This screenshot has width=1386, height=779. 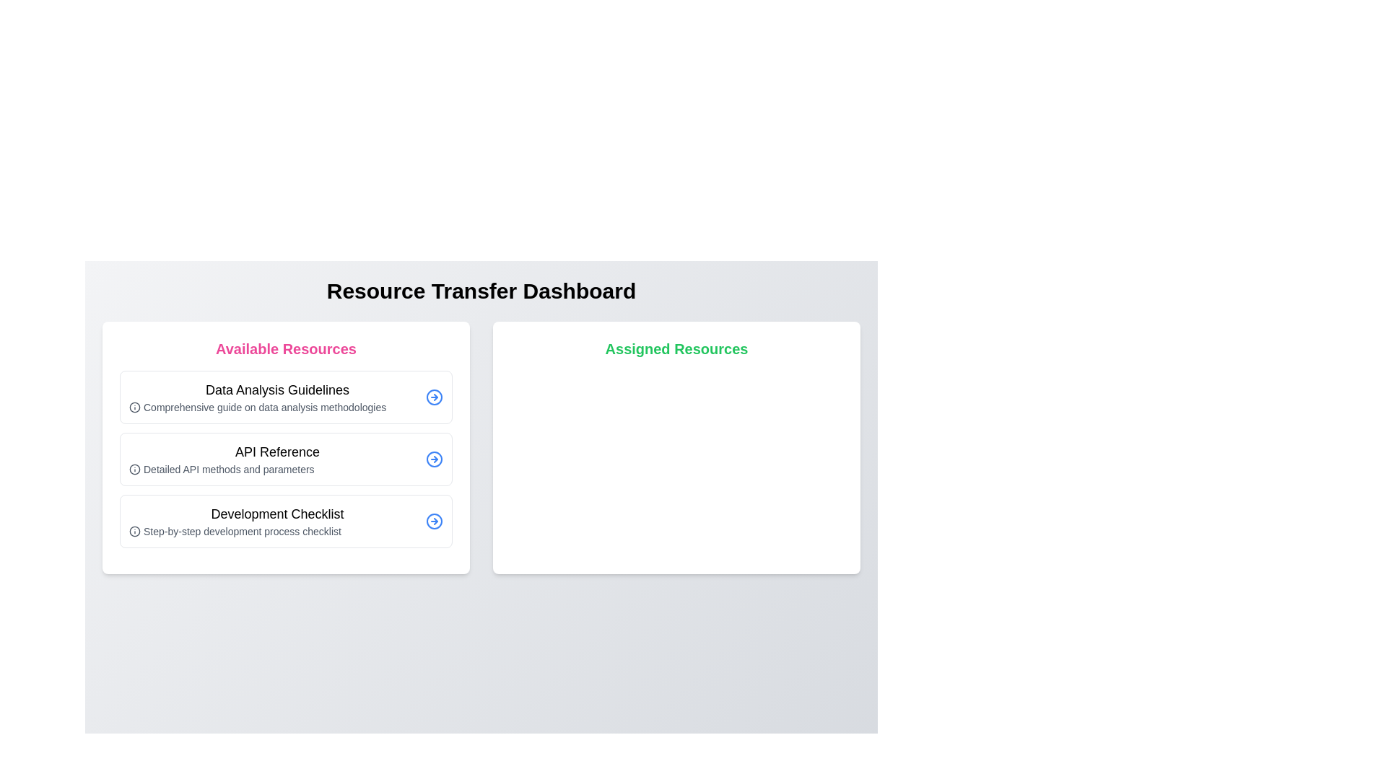 I want to click on the 'Development Checklist' component which includes the title in bold and a subtitle, positioned as the third element under 'API Reference', so click(x=277, y=521).